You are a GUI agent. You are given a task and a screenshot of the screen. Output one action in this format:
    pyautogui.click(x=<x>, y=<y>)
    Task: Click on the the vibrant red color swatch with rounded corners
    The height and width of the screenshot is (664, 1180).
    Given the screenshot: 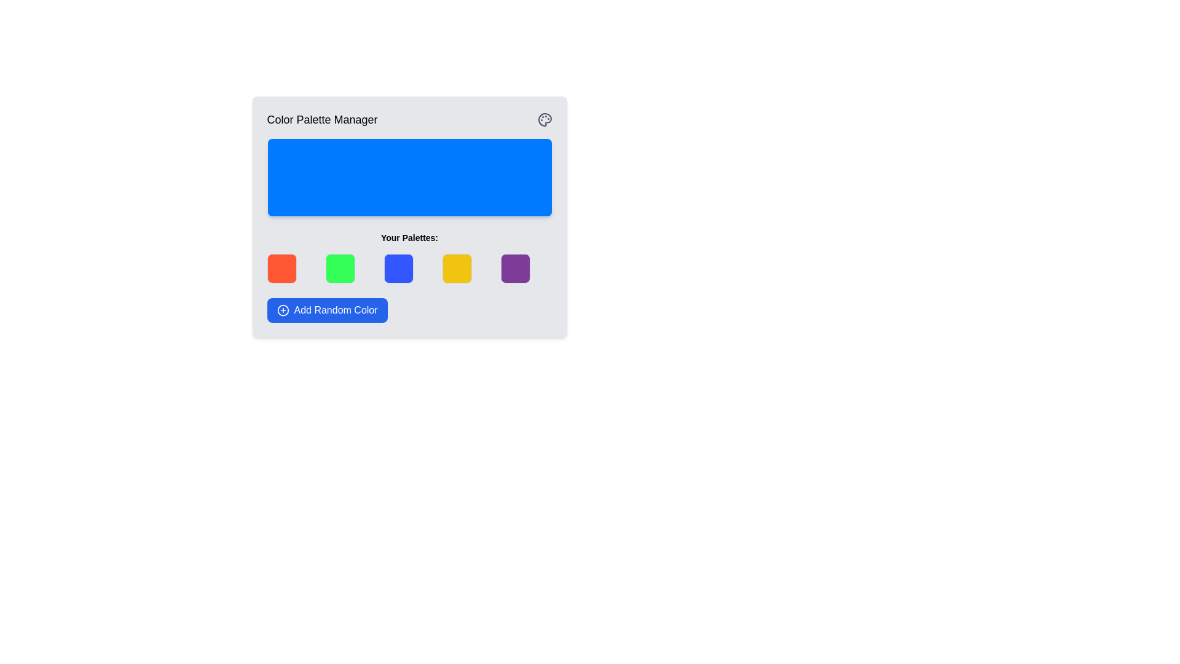 What is the action you would take?
    pyautogui.click(x=281, y=267)
    